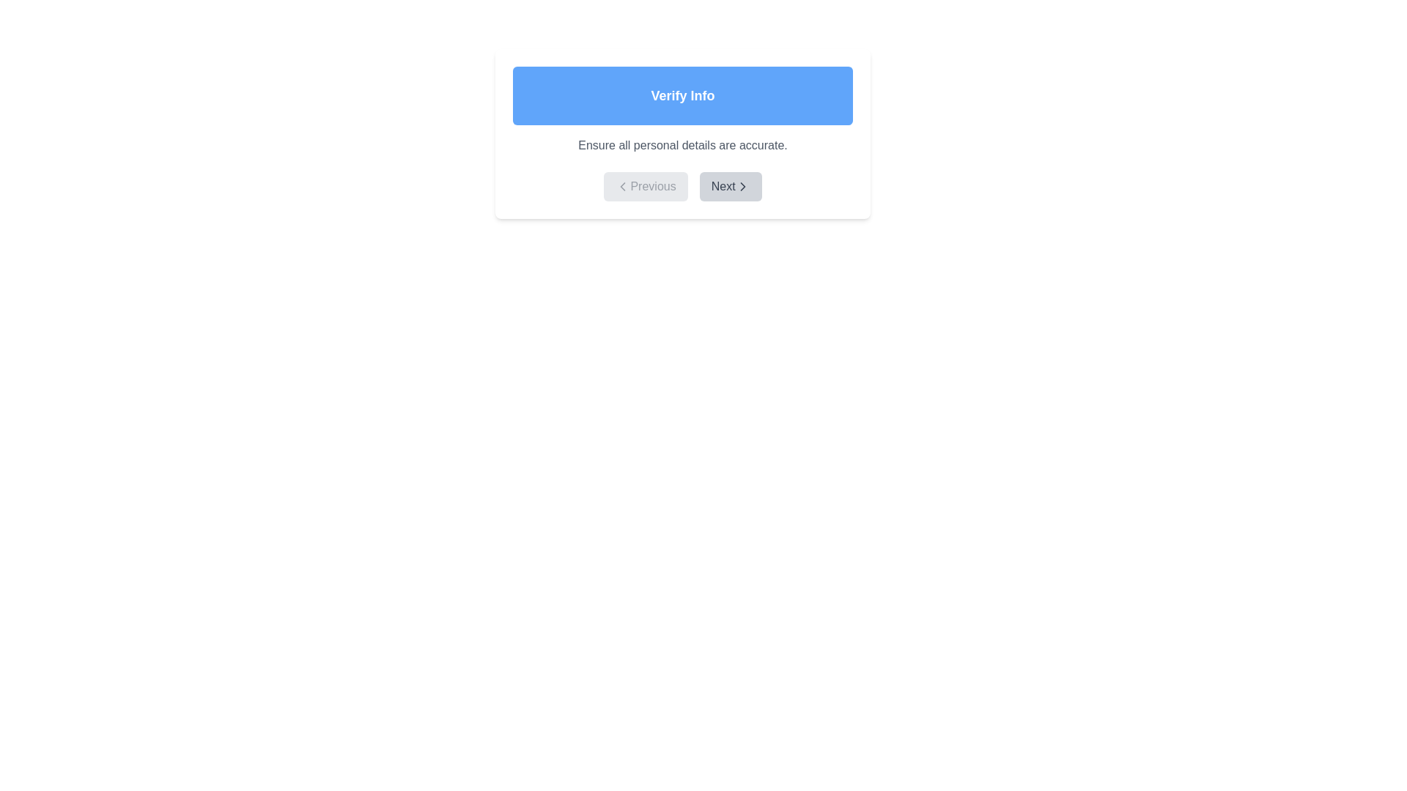 Image resolution: width=1407 pixels, height=791 pixels. What do you see at coordinates (645, 185) in the screenshot?
I see `the 'Previous' button located in the lower section of the dialog box below the blue header labeled 'Verify Info.'` at bounding box center [645, 185].